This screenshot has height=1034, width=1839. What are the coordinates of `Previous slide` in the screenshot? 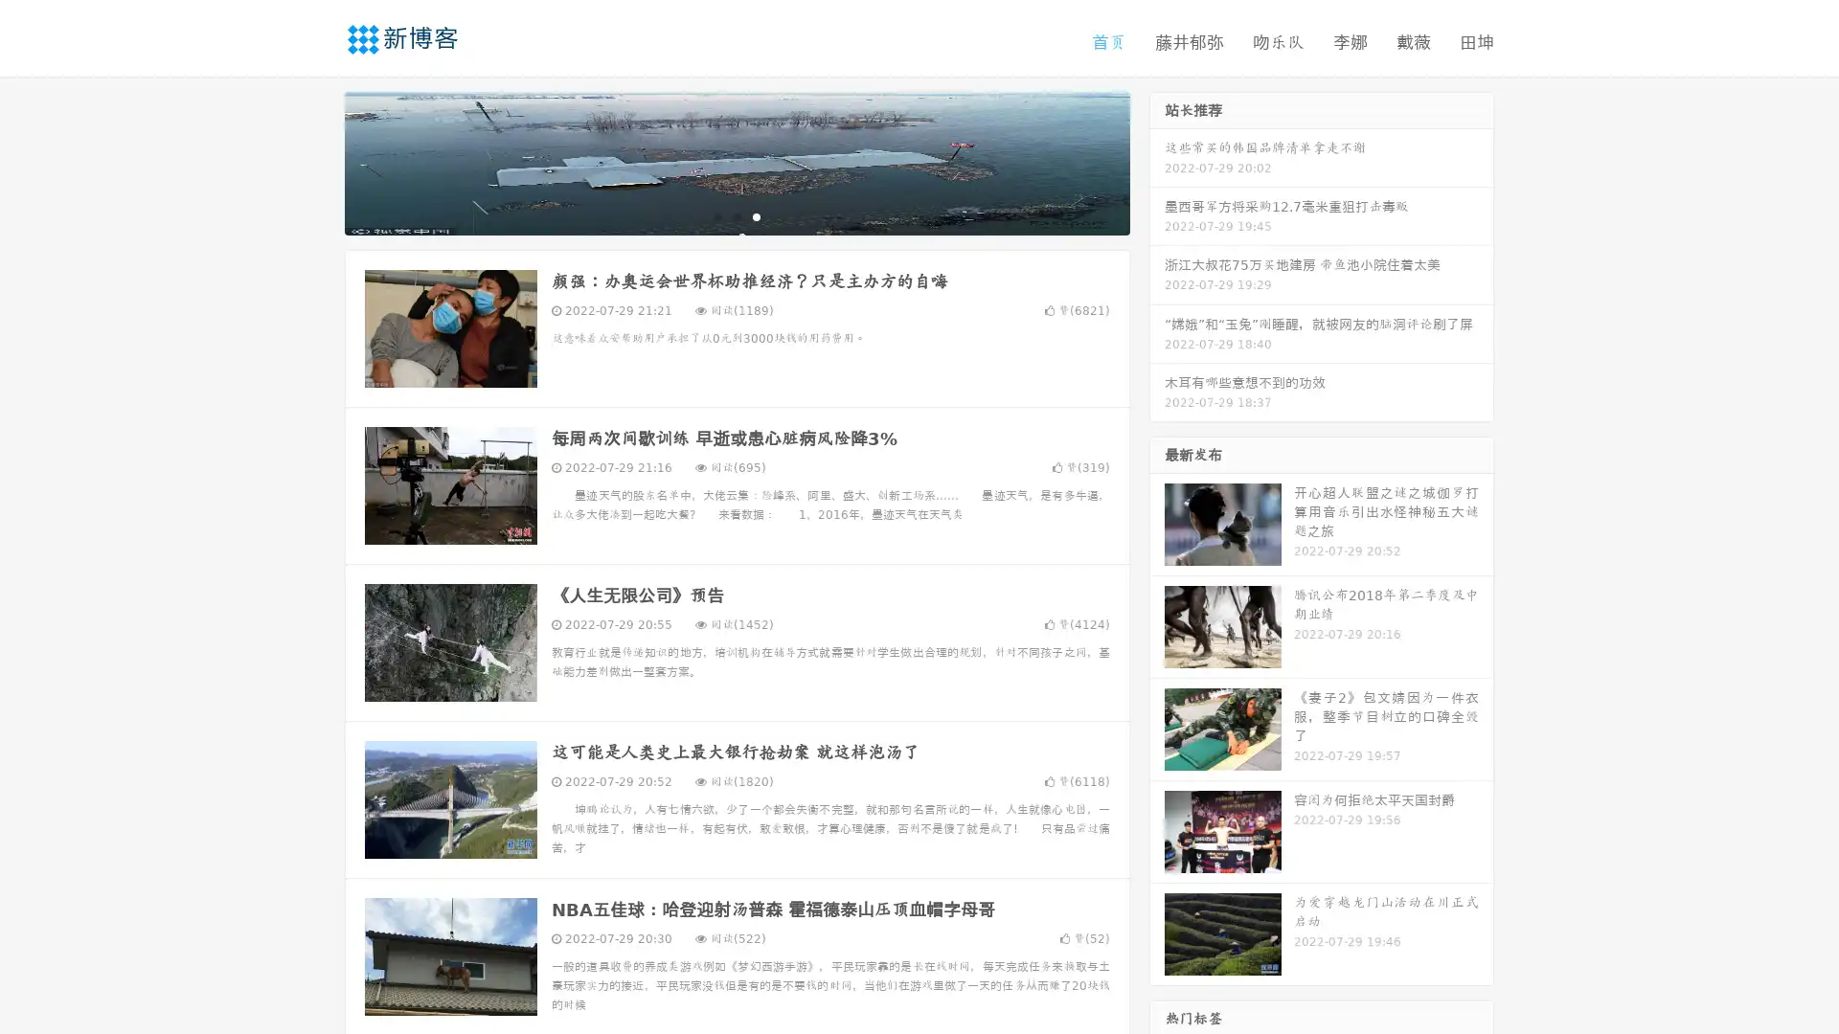 It's located at (316, 161).